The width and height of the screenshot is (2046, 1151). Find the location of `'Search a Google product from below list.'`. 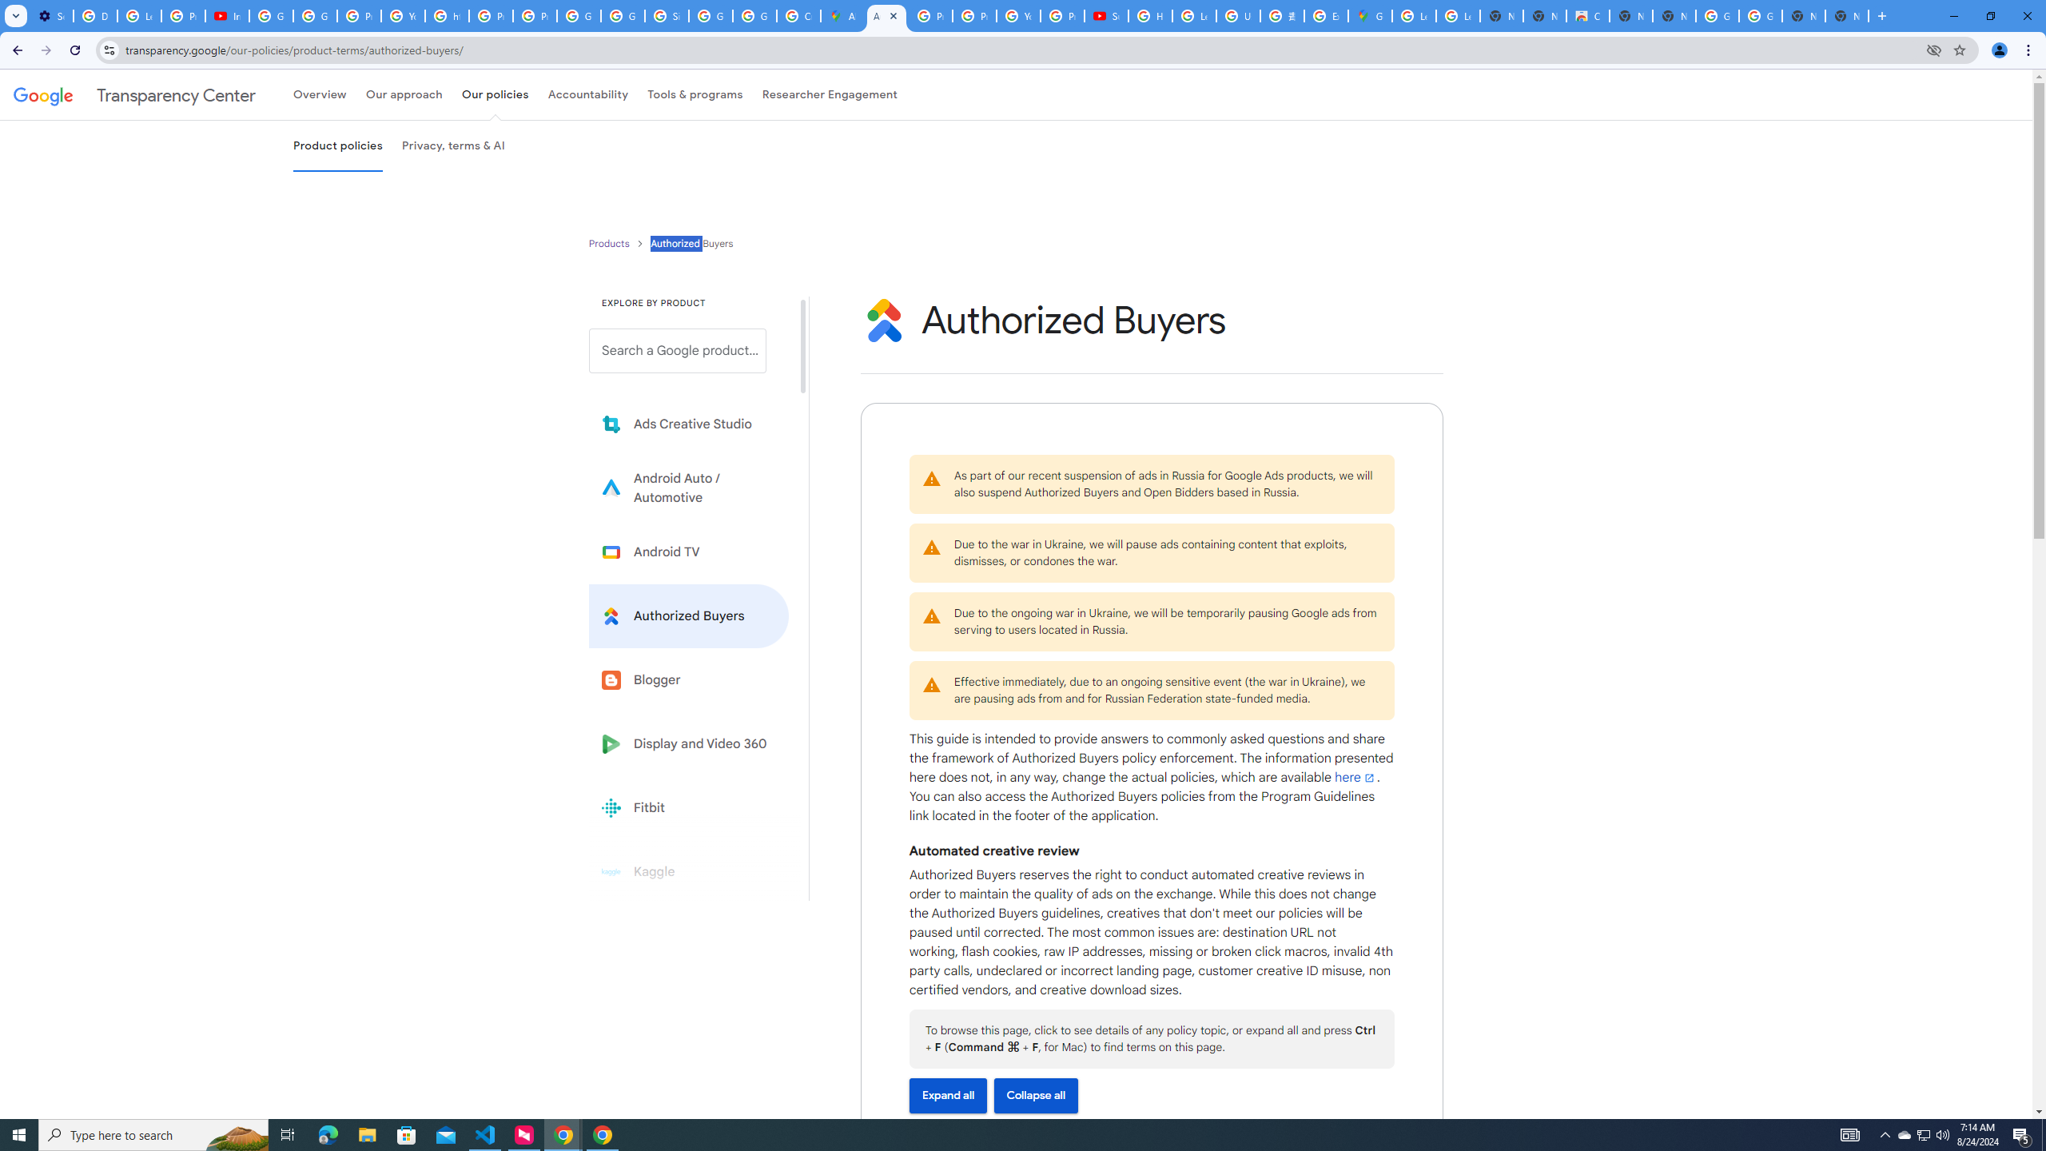

'Search a Google product from below list.' is located at coordinates (677, 349).